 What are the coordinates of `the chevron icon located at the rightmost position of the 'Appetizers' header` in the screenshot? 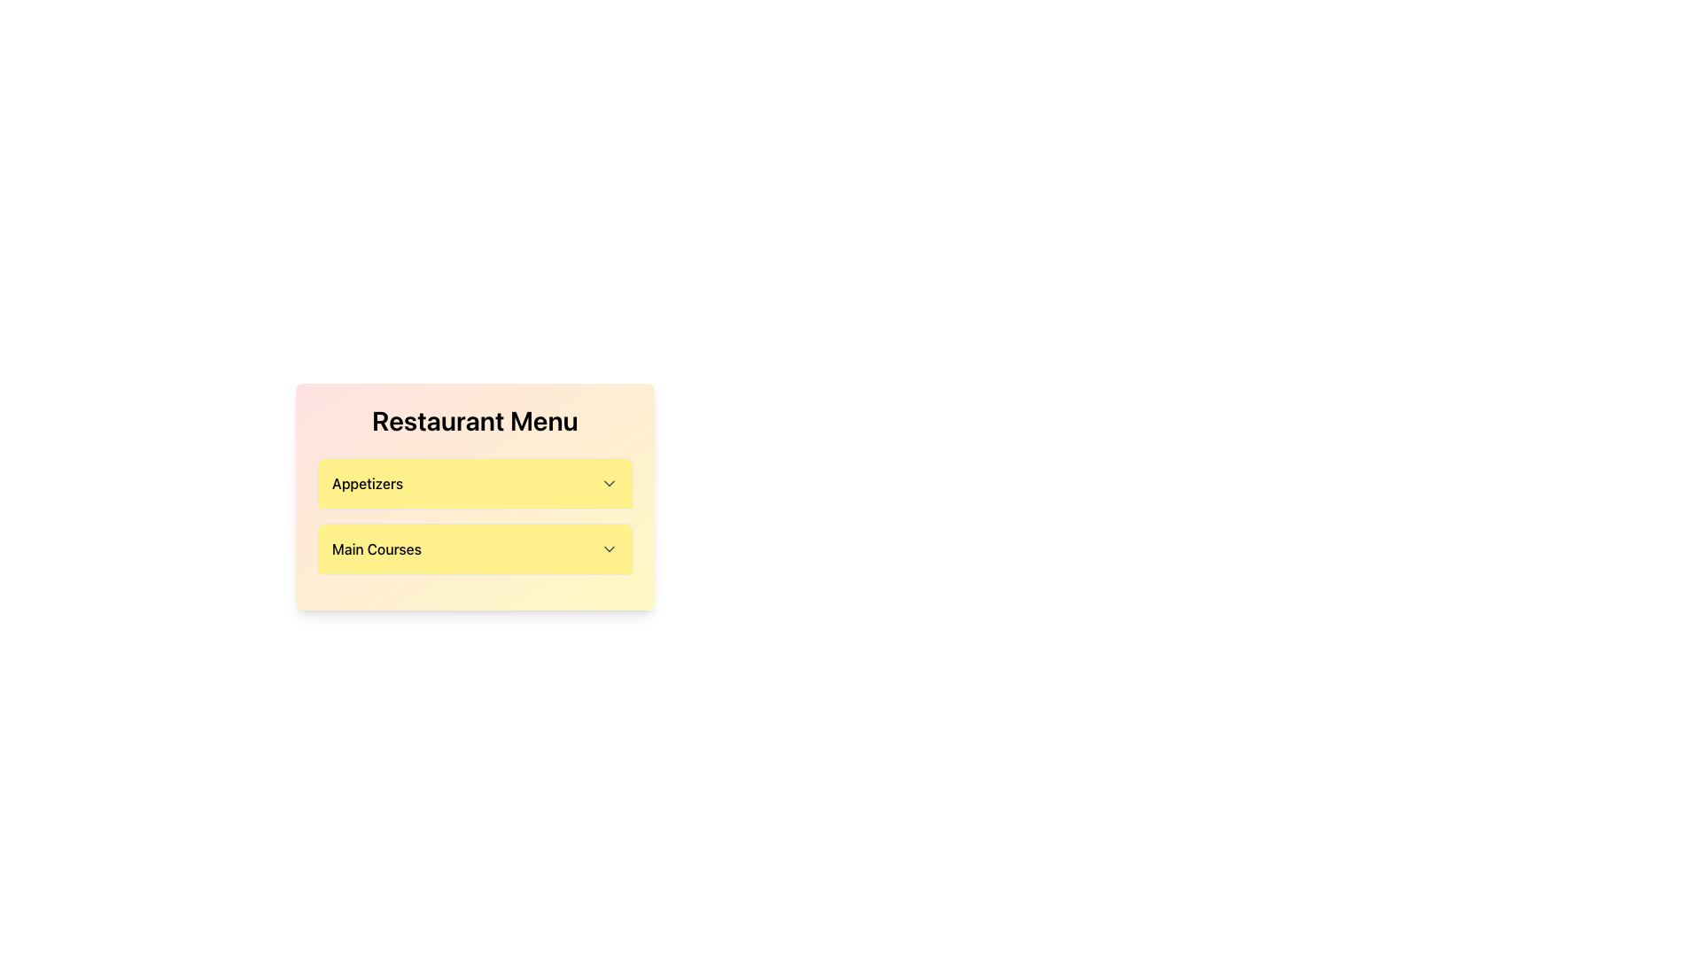 It's located at (609, 484).